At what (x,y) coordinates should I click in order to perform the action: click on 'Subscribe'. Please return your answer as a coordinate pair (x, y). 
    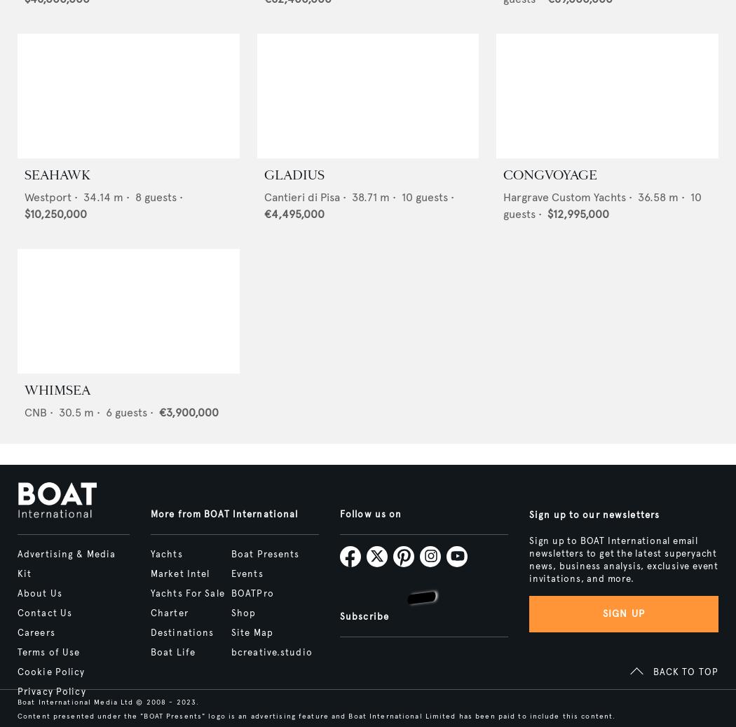
    Looking at the image, I should click on (363, 616).